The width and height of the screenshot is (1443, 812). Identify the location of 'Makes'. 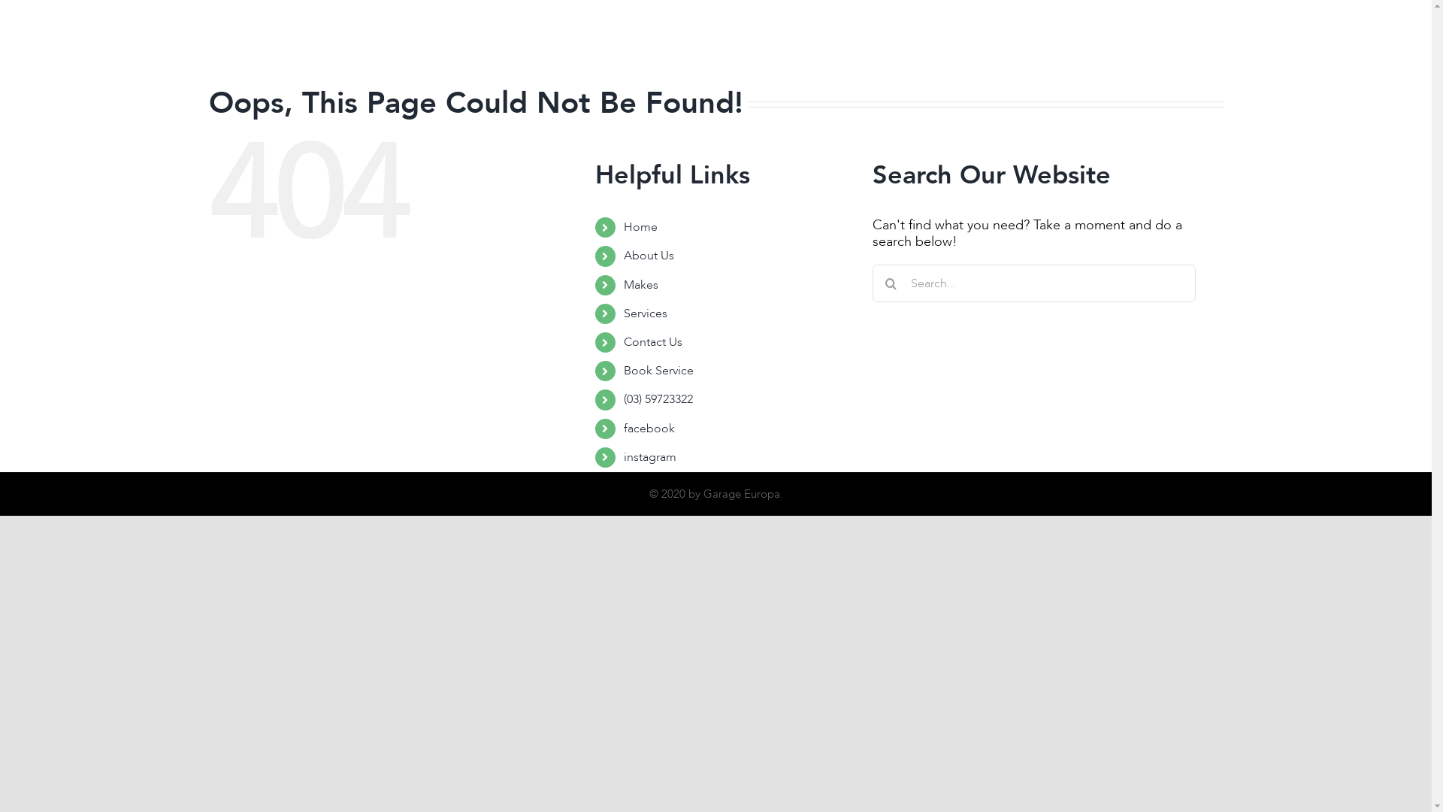
(641, 284).